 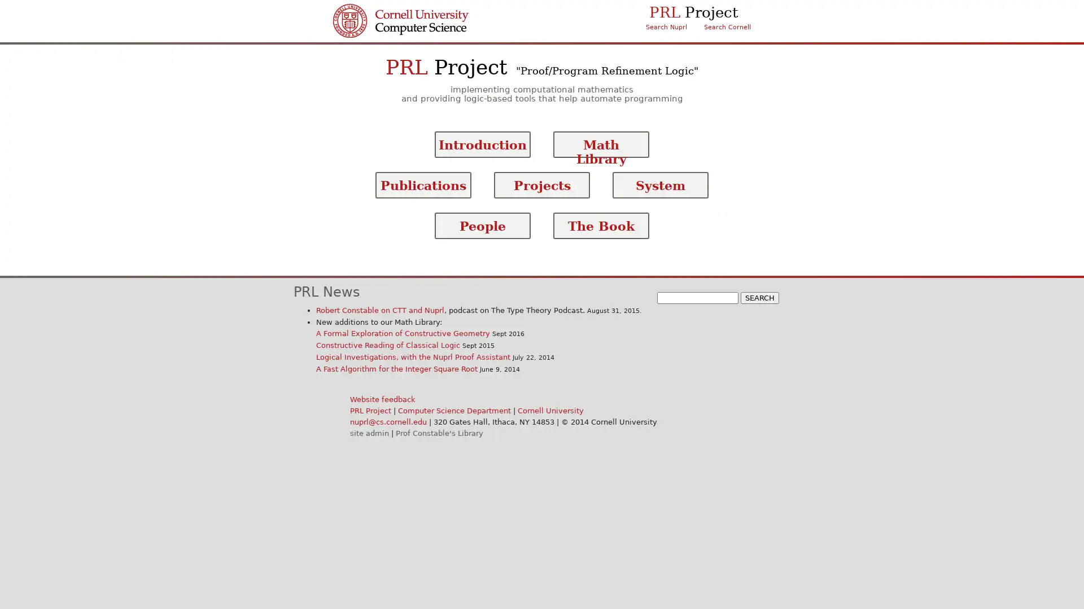 What do you see at coordinates (759, 297) in the screenshot?
I see `SEARCH` at bounding box center [759, 297].